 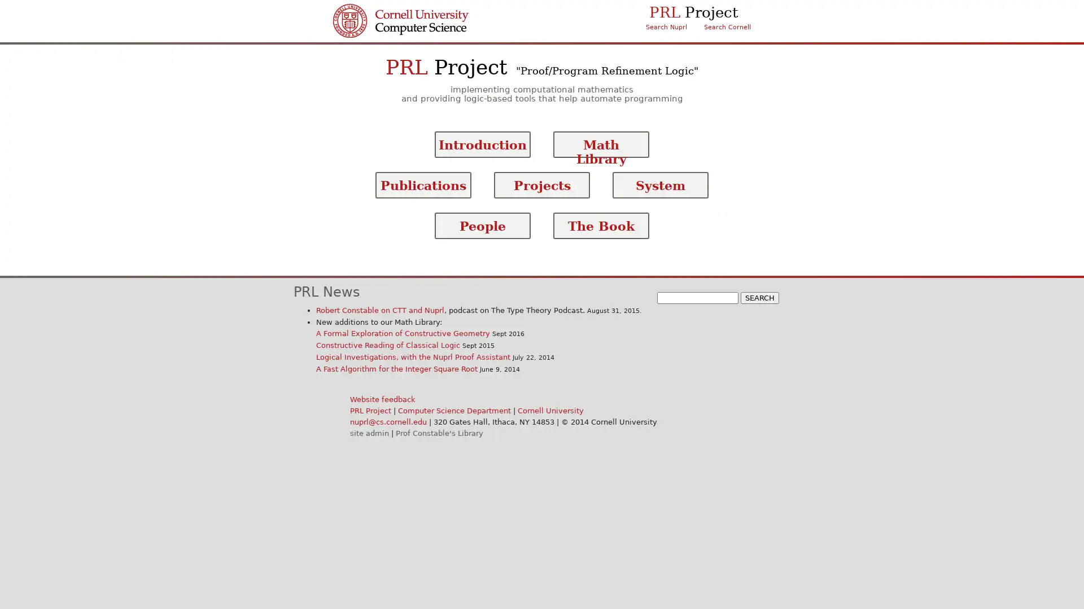 What do you see at coordinates (759, 297) in the screenshot?
I see `SEARCH` at bounding box center [759, 297].